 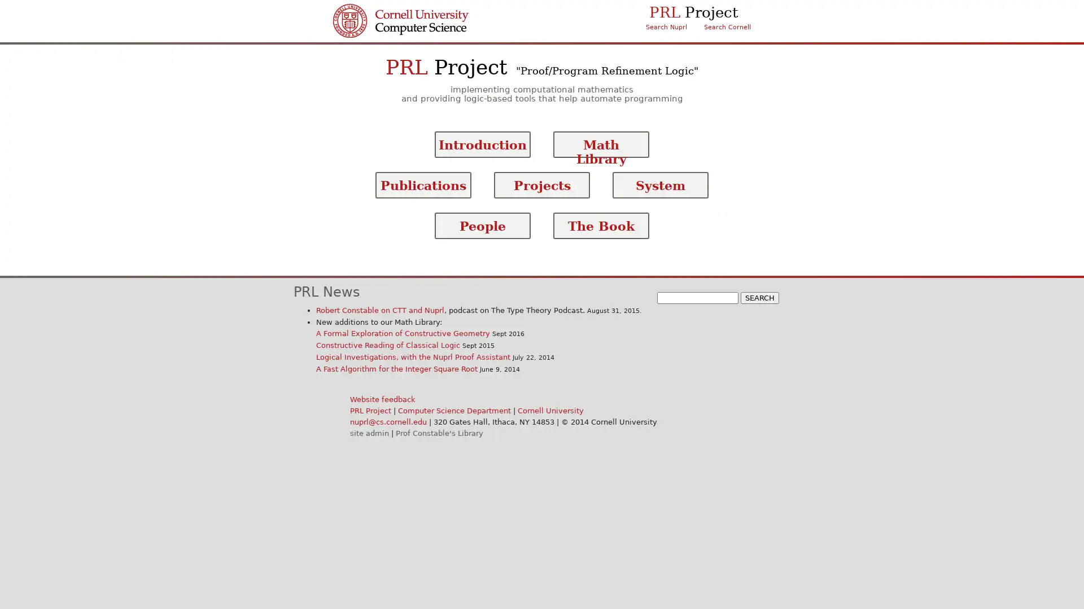 What do you see at coordinates (759, 297) in the screenshot?
I see `SEARCH` at bounding box center [759, 297].